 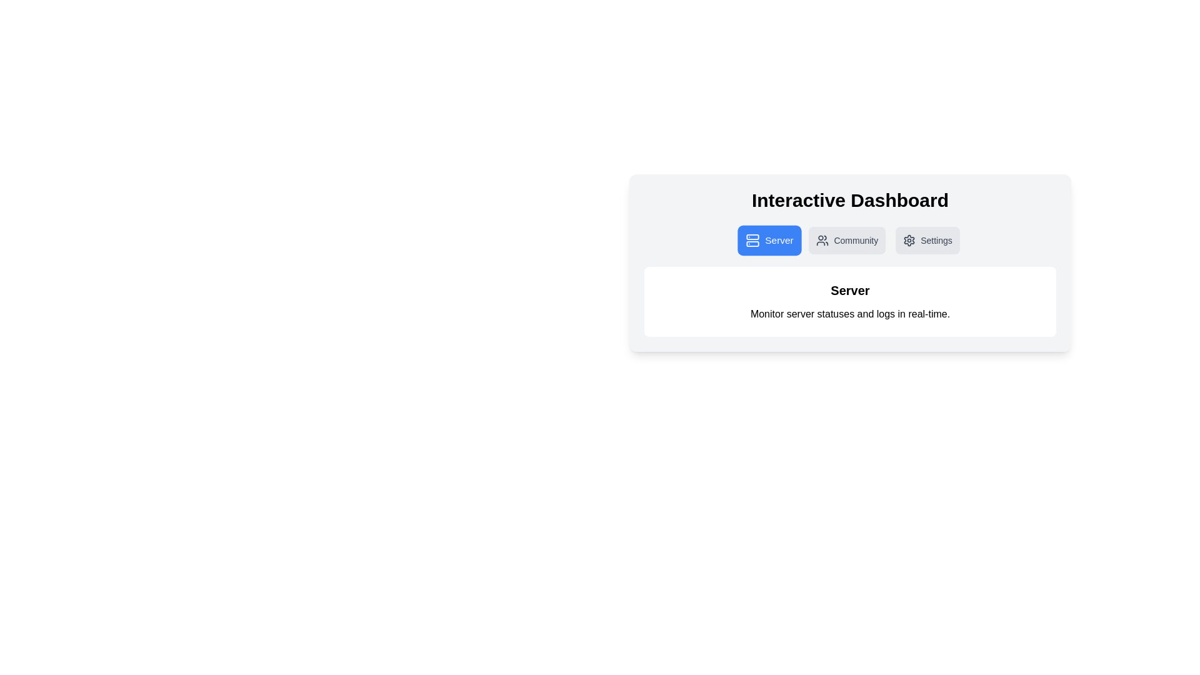 What do you see at coordinates (847, 241) in the screenshot?
I see `the Community tab to switch the displayed content` at bounding box center [847, 241].